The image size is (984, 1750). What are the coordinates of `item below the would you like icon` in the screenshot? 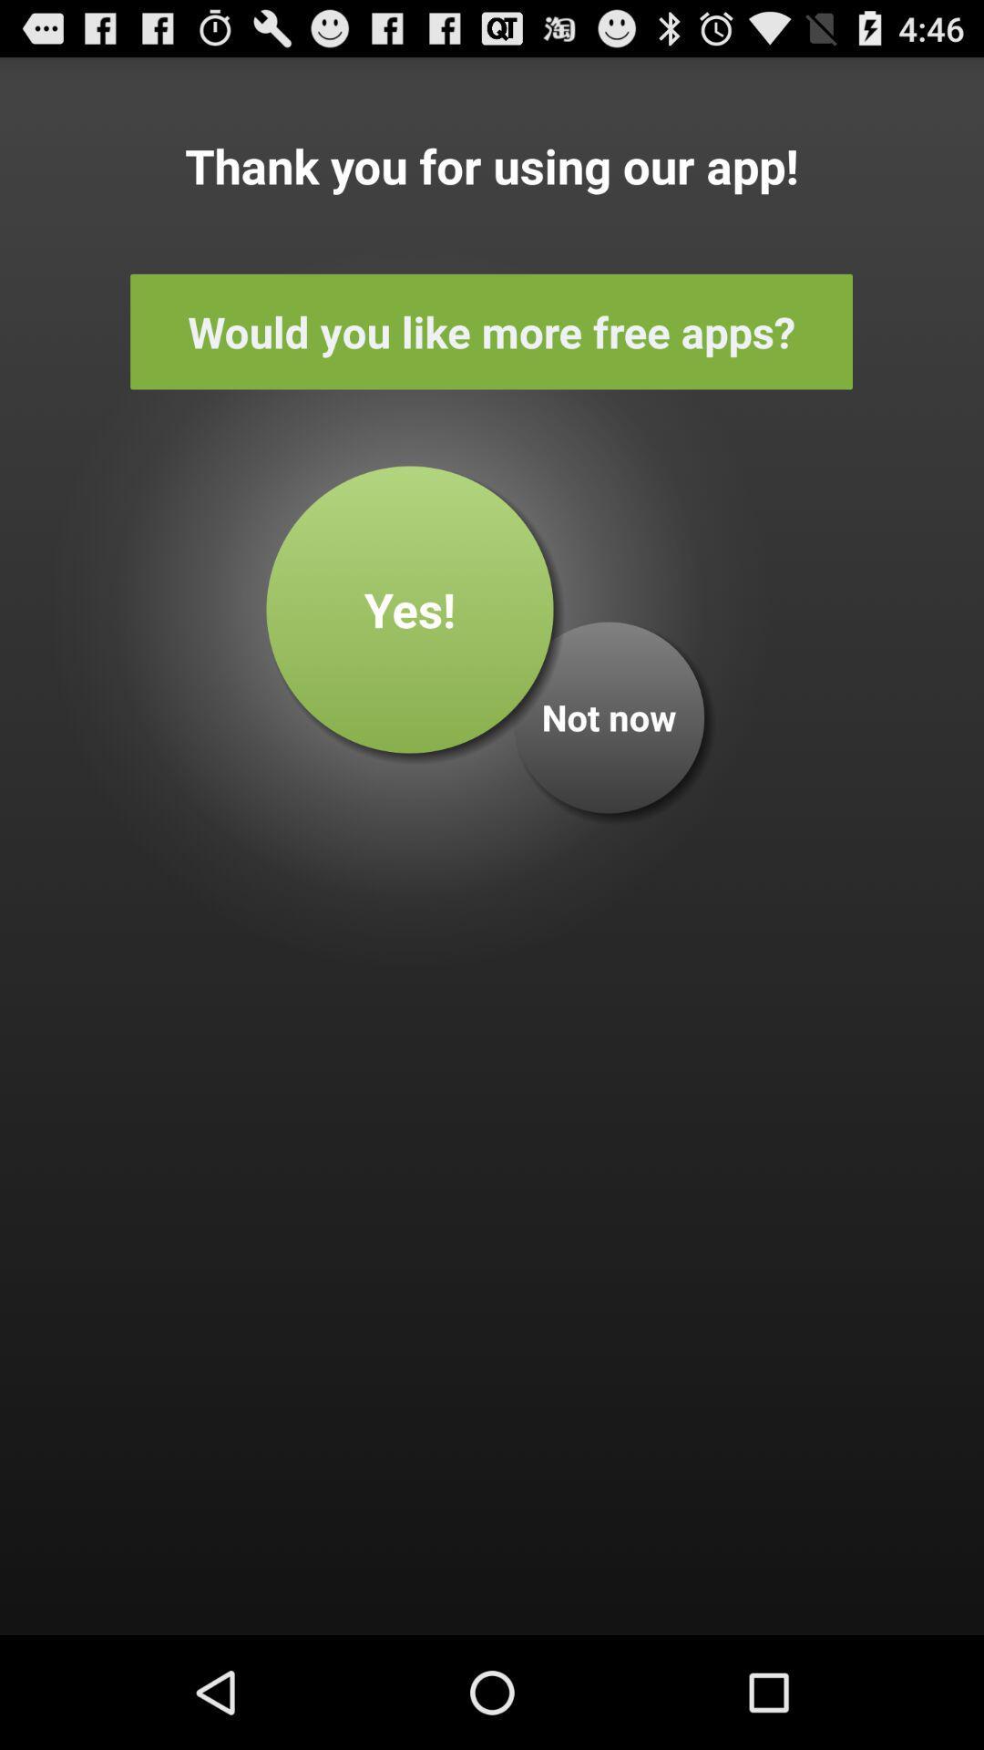 It's located at (410, 609).